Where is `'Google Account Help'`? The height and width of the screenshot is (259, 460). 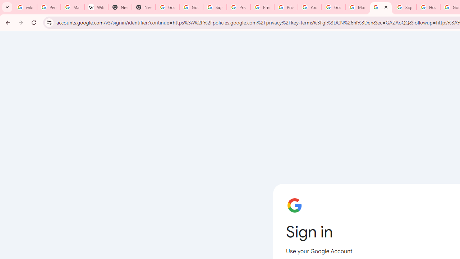
'Google Account Help' is located at coordinates (333, 7).